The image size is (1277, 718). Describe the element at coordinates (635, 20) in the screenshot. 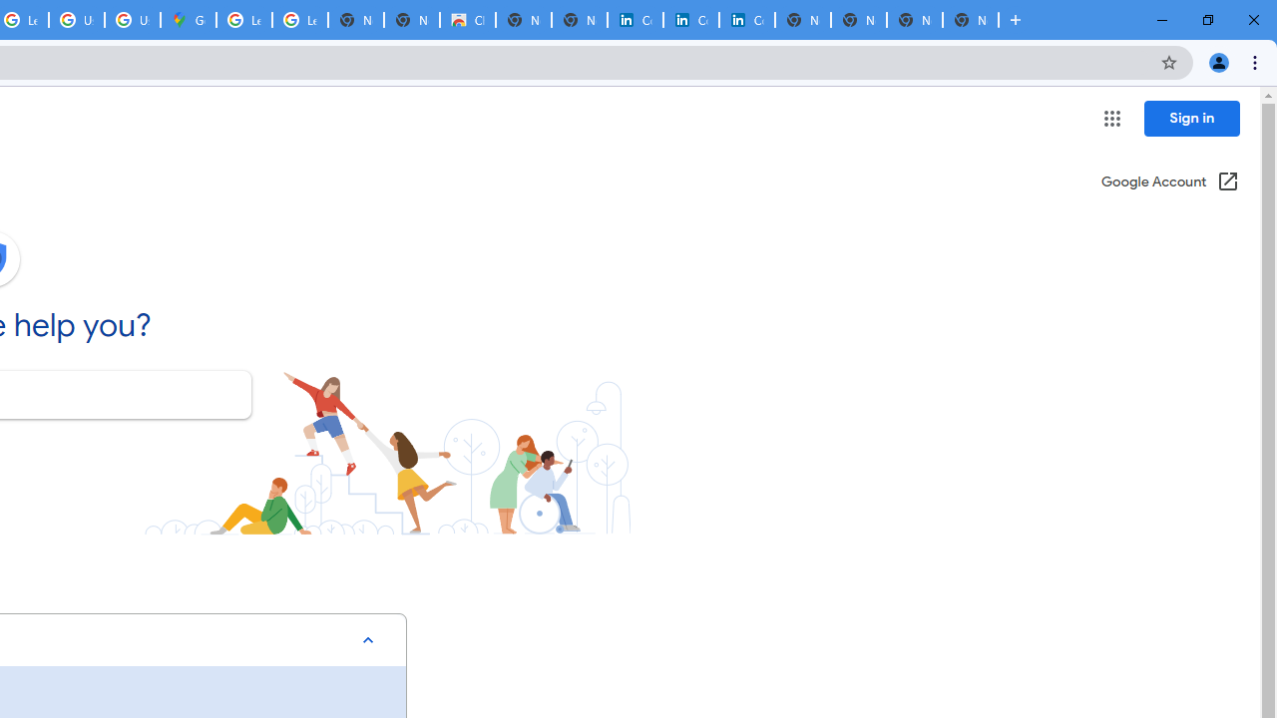

I see `'Cookie Policy | LinkedIn'` at that location.